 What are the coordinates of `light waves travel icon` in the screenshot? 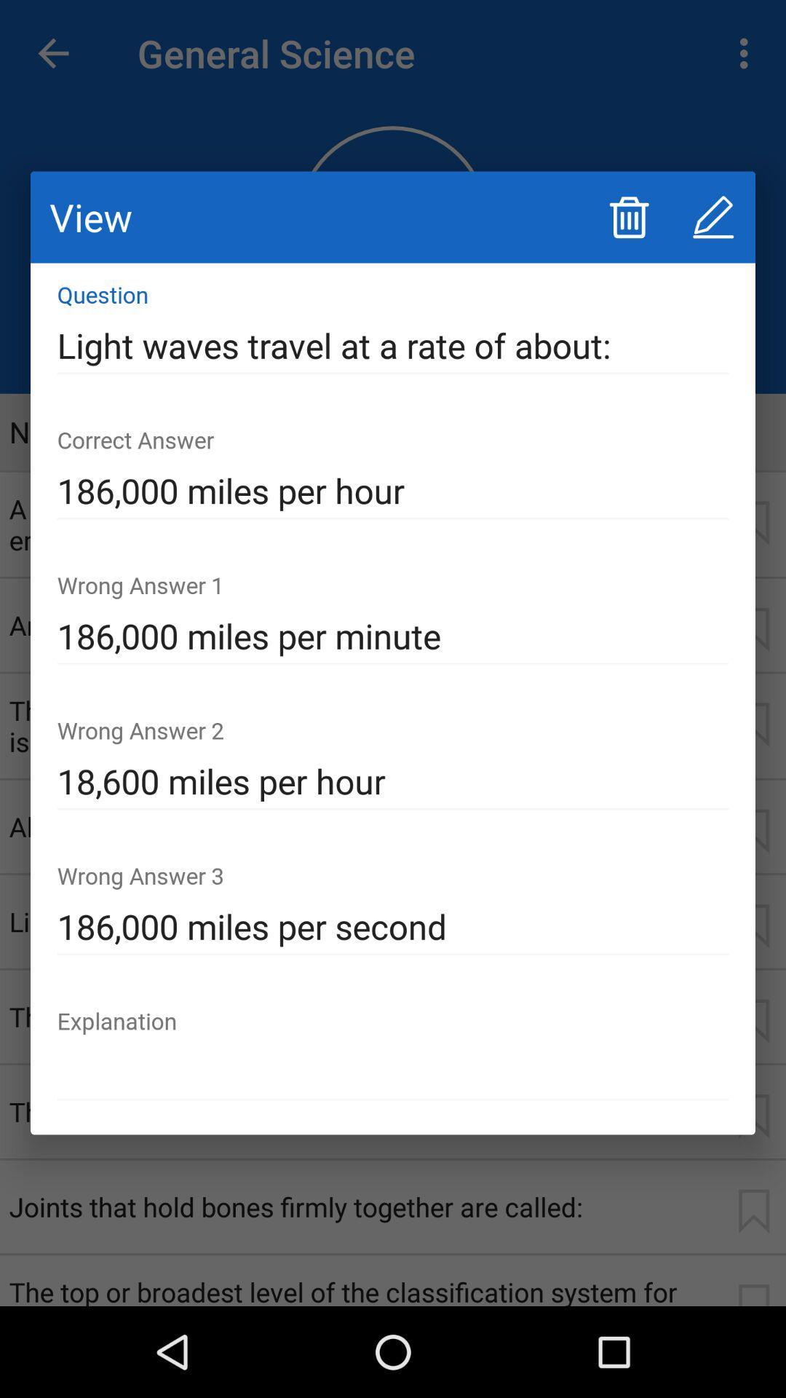 It's located at (393, 345).